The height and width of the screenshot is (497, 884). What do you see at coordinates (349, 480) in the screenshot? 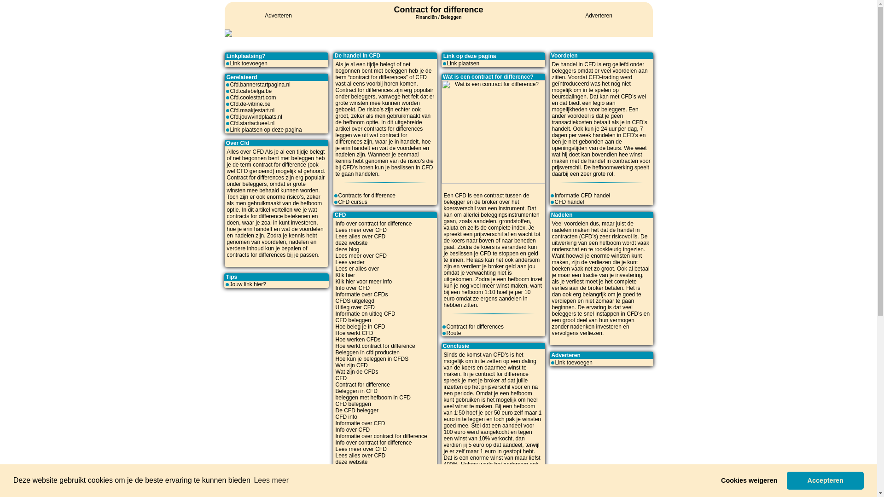
I see `'Lees verder'` at bounding box center [349, 480].